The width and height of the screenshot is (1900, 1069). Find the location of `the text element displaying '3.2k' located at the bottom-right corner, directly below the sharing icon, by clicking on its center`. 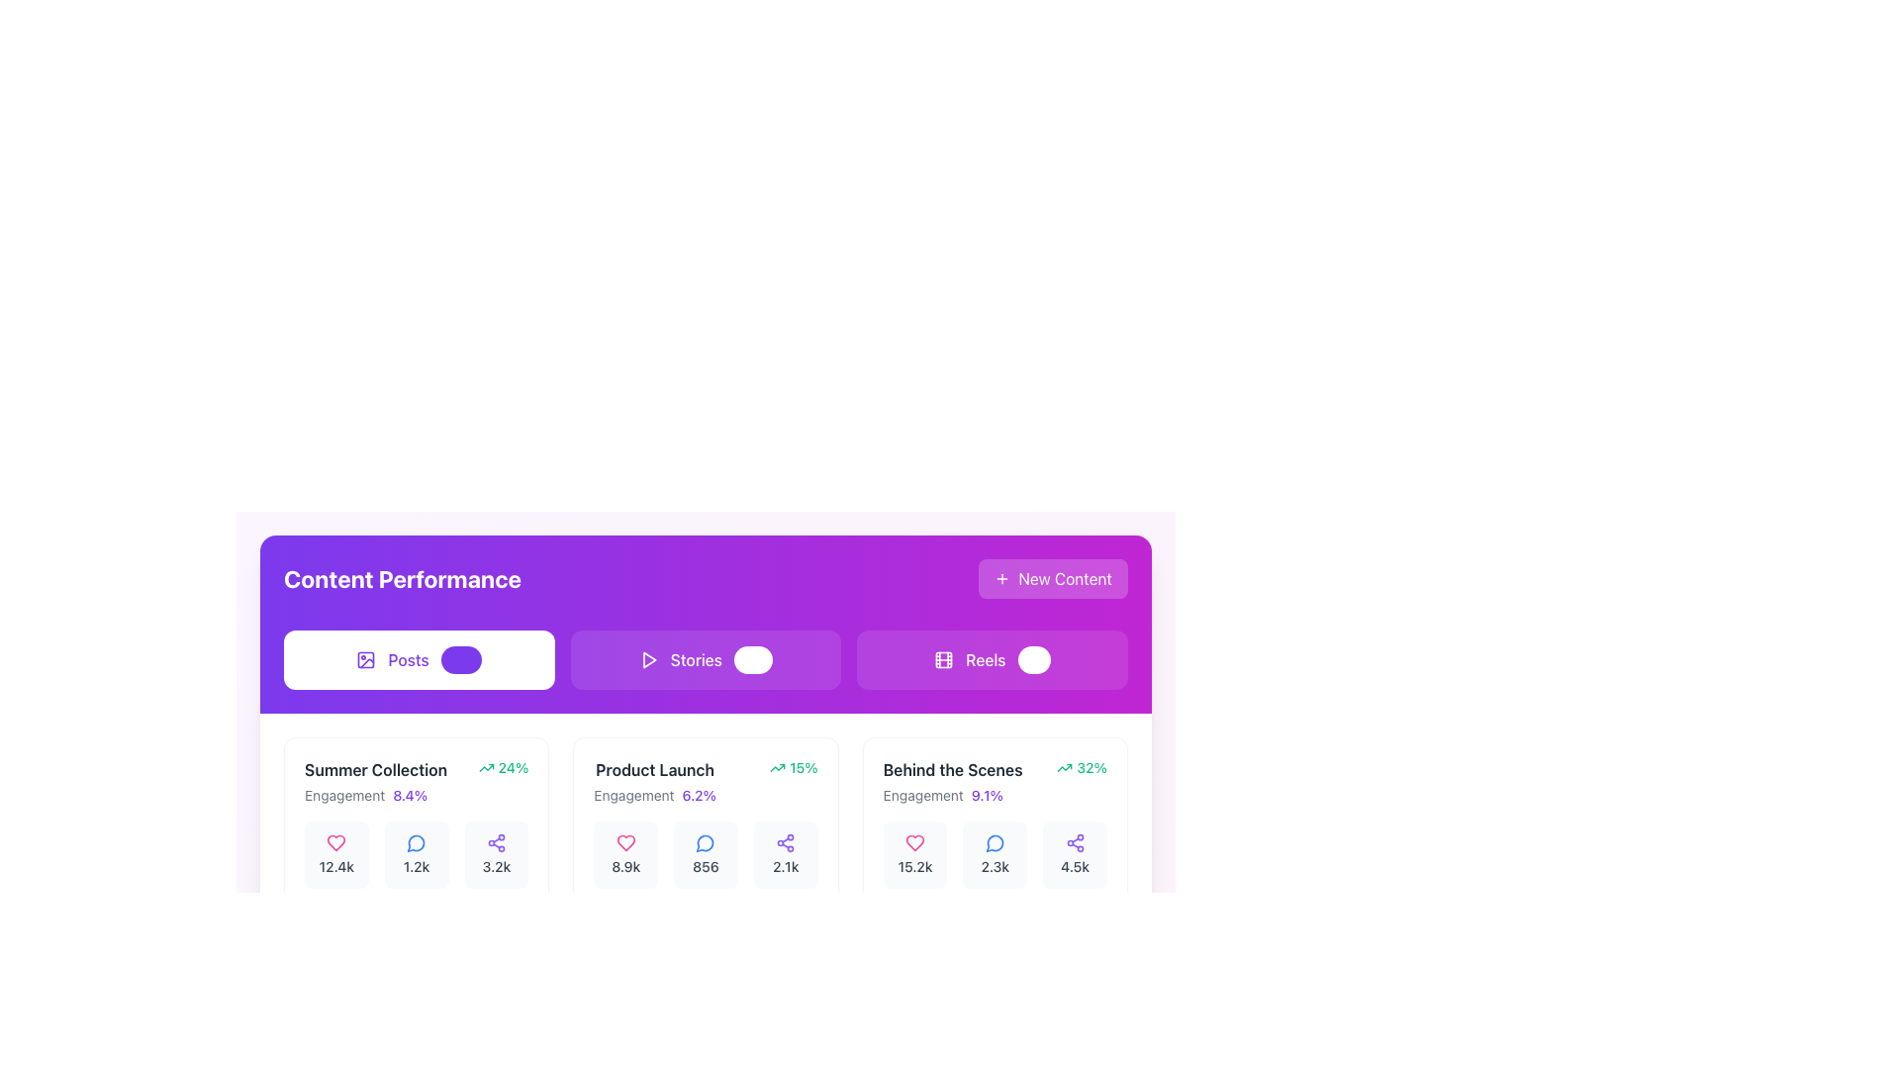

the text element displaying '3.2k' located at the bottom-right corner, directly below the sharing icon, by clicking on its center is located at coordinates (496, 865).